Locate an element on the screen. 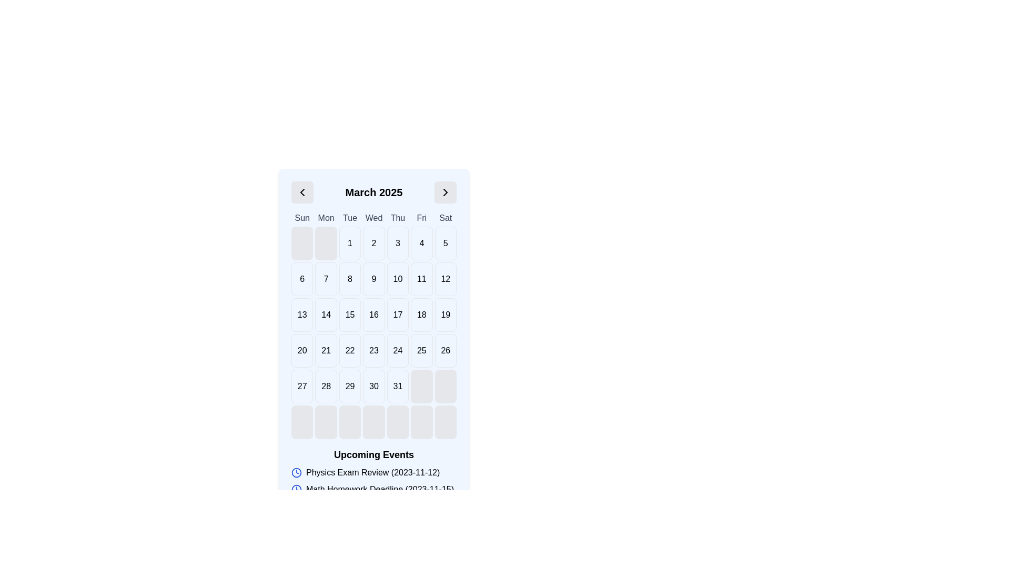  the date selector representing the 23rd day in the calendar grid is located at coordinates (373, 351).